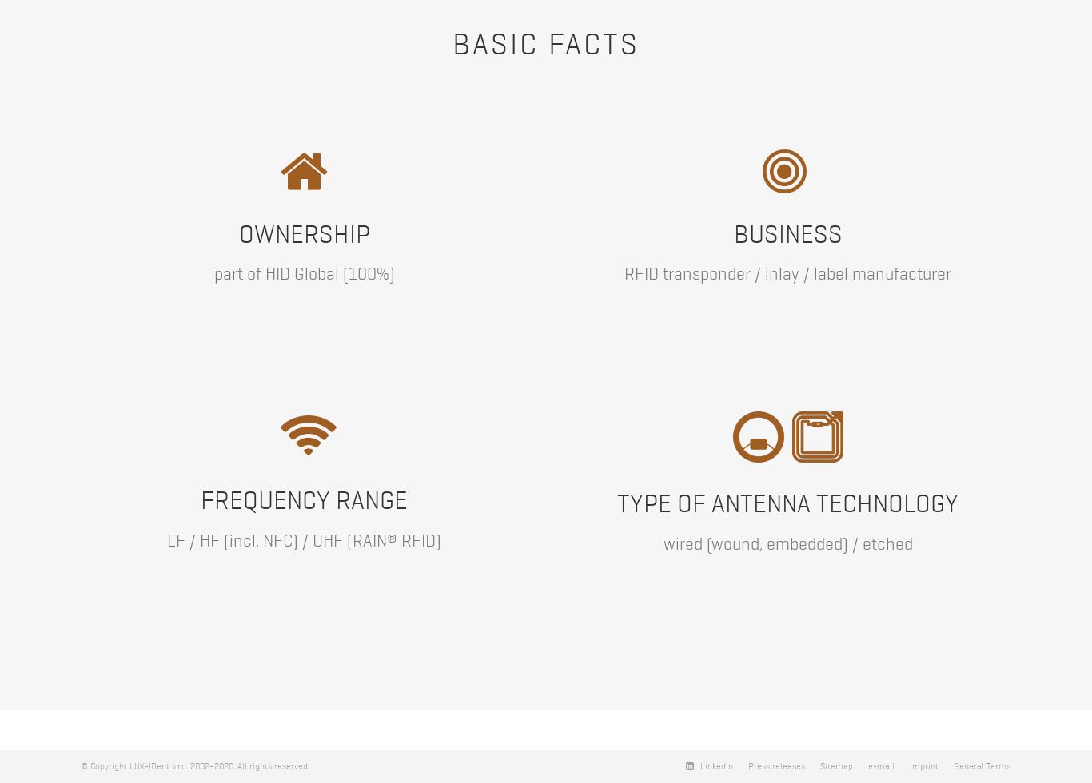 The image size is (1092, 783). I want to click on 'BUSINESS', so click(732, 233).